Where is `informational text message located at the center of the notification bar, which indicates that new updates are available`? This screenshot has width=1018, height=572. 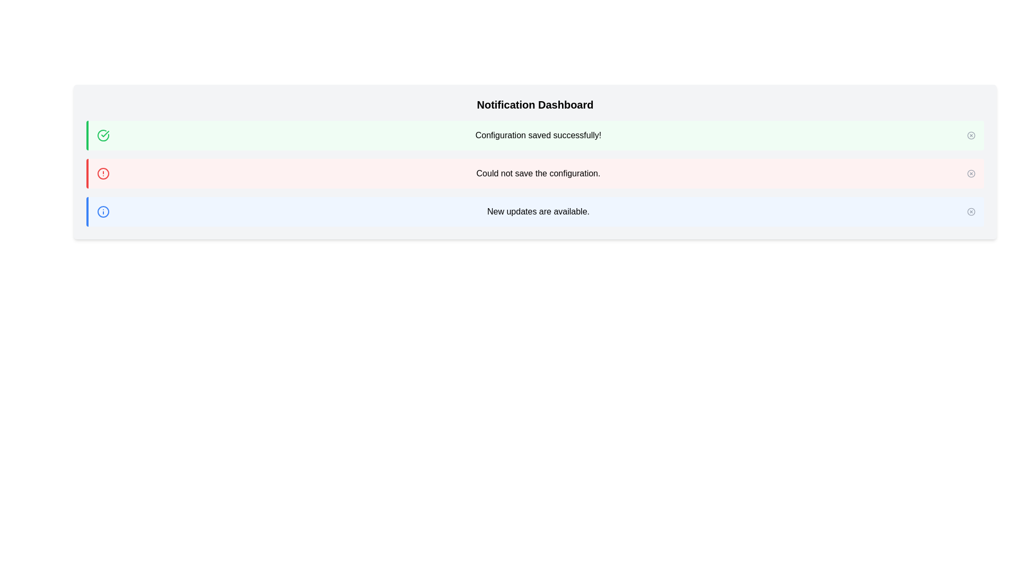 informational text message located at the center of the notification bar, which indicates that new updates are available is located at coordinates (538, 212).